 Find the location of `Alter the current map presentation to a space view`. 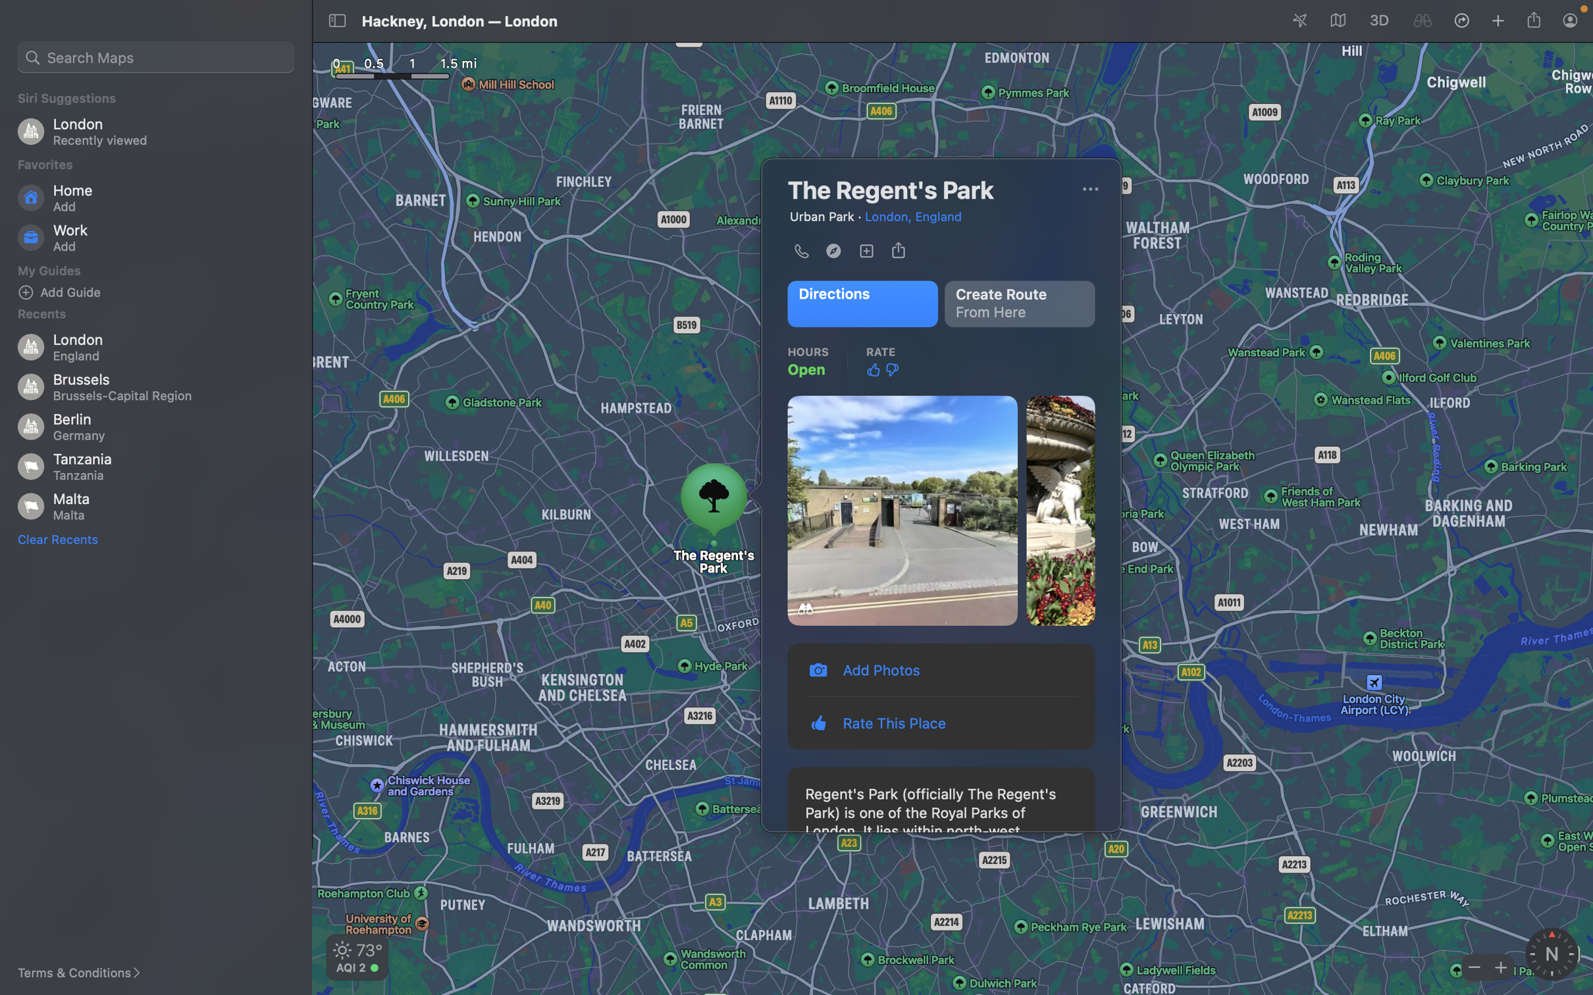

Alter the current map presentation to a space view is located at coordinates (1089, 189).